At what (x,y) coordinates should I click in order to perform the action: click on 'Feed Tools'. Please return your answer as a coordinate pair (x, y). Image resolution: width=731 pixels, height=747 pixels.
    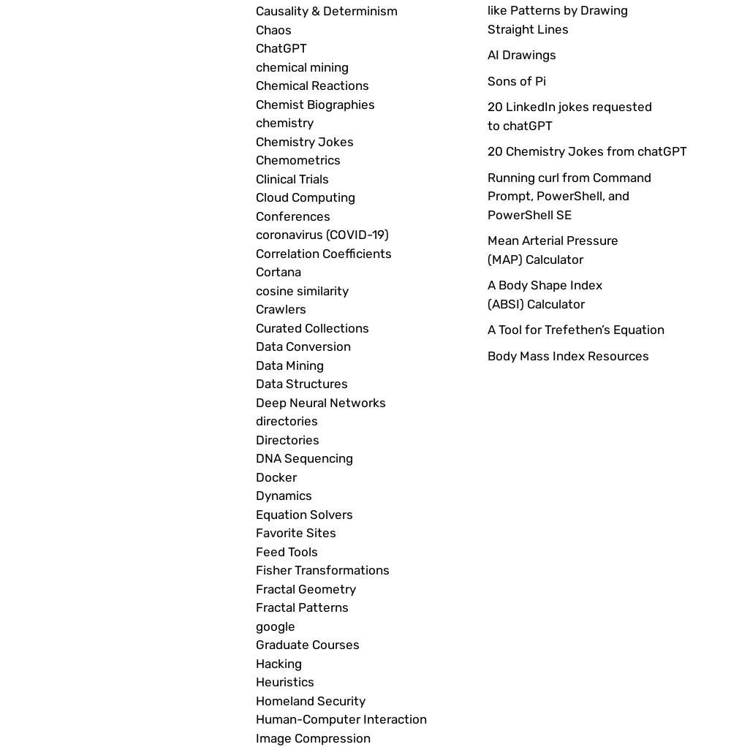
    Looking at the image, I should click on (287, 550).